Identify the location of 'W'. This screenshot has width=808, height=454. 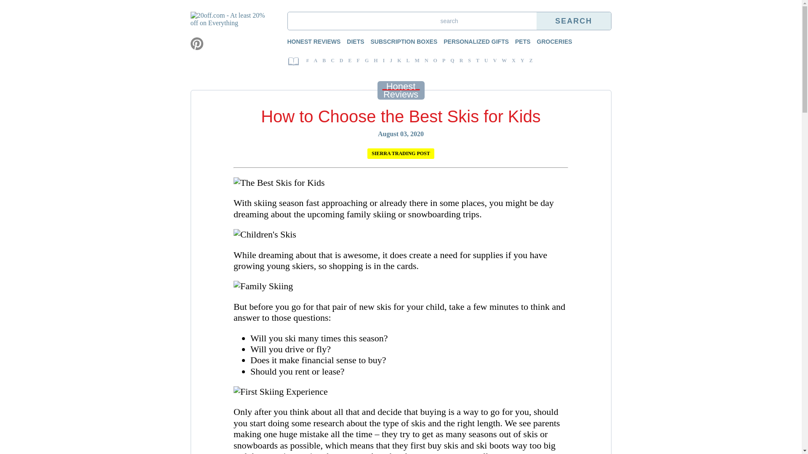
(504, 60).